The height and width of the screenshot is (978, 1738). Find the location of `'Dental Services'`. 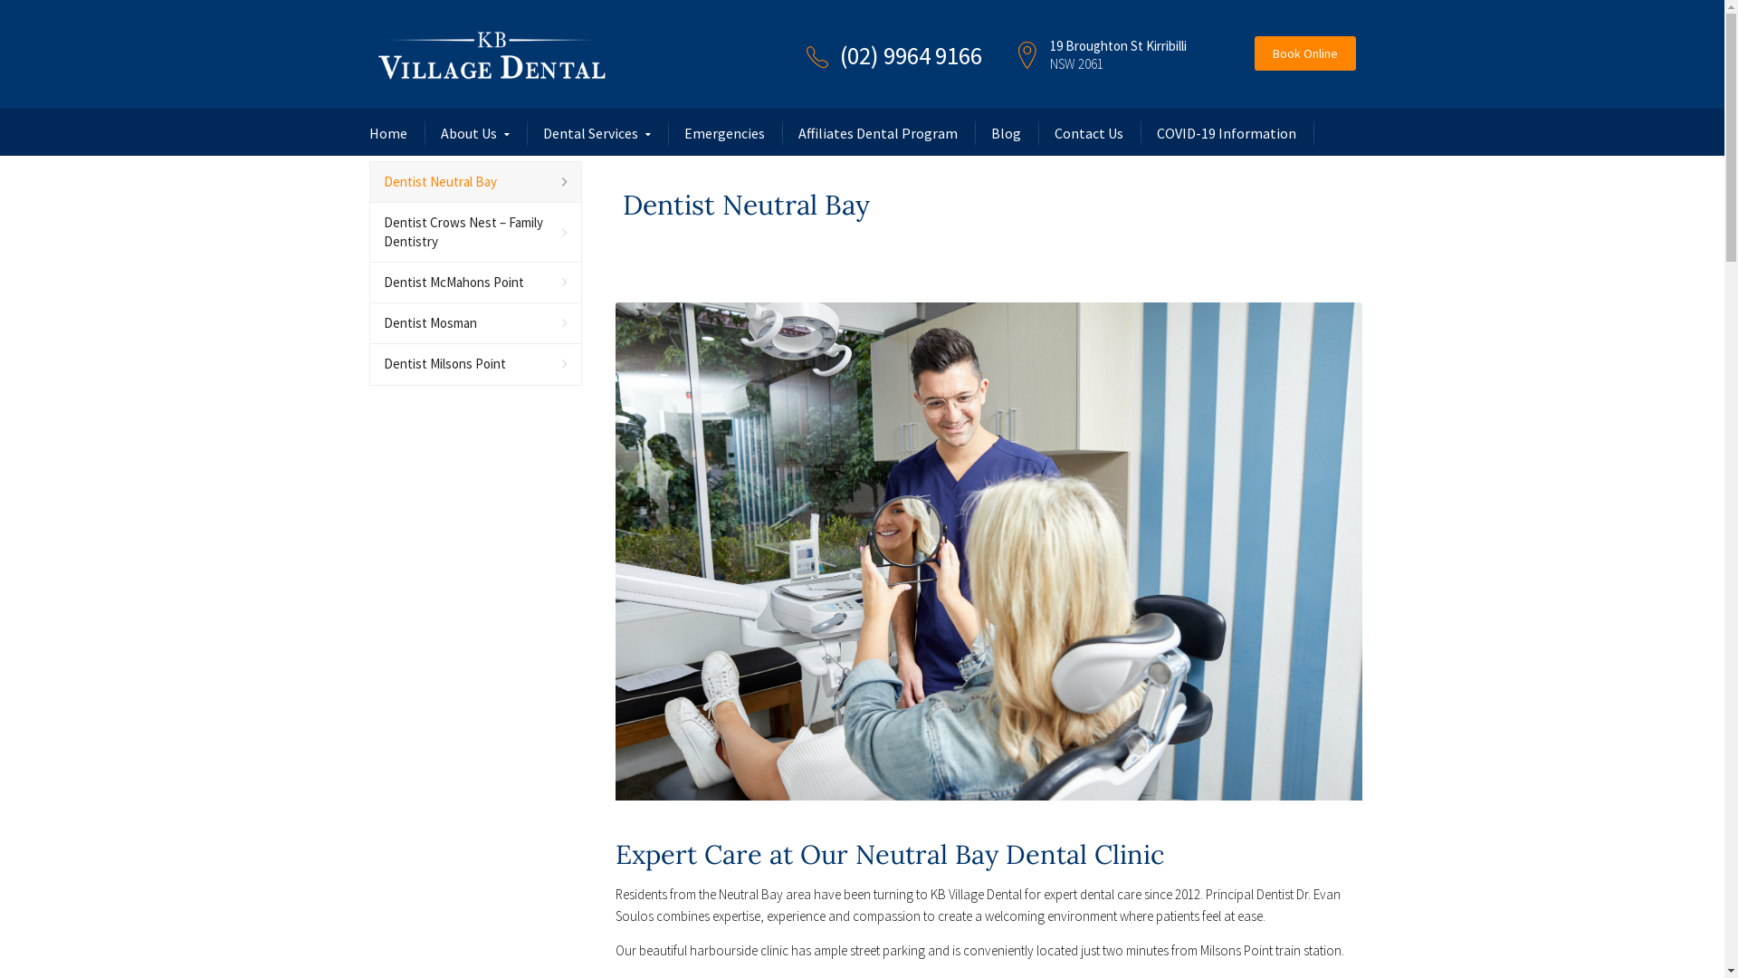

'Dental Services' is located at coordinates (597, 132).